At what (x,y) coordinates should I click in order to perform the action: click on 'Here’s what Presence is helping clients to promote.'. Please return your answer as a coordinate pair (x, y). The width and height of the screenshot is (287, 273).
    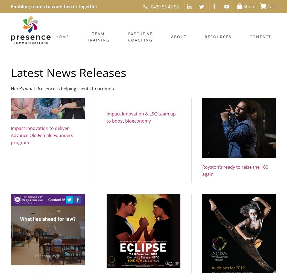
    Looking at the image, I should click on (11, 88).